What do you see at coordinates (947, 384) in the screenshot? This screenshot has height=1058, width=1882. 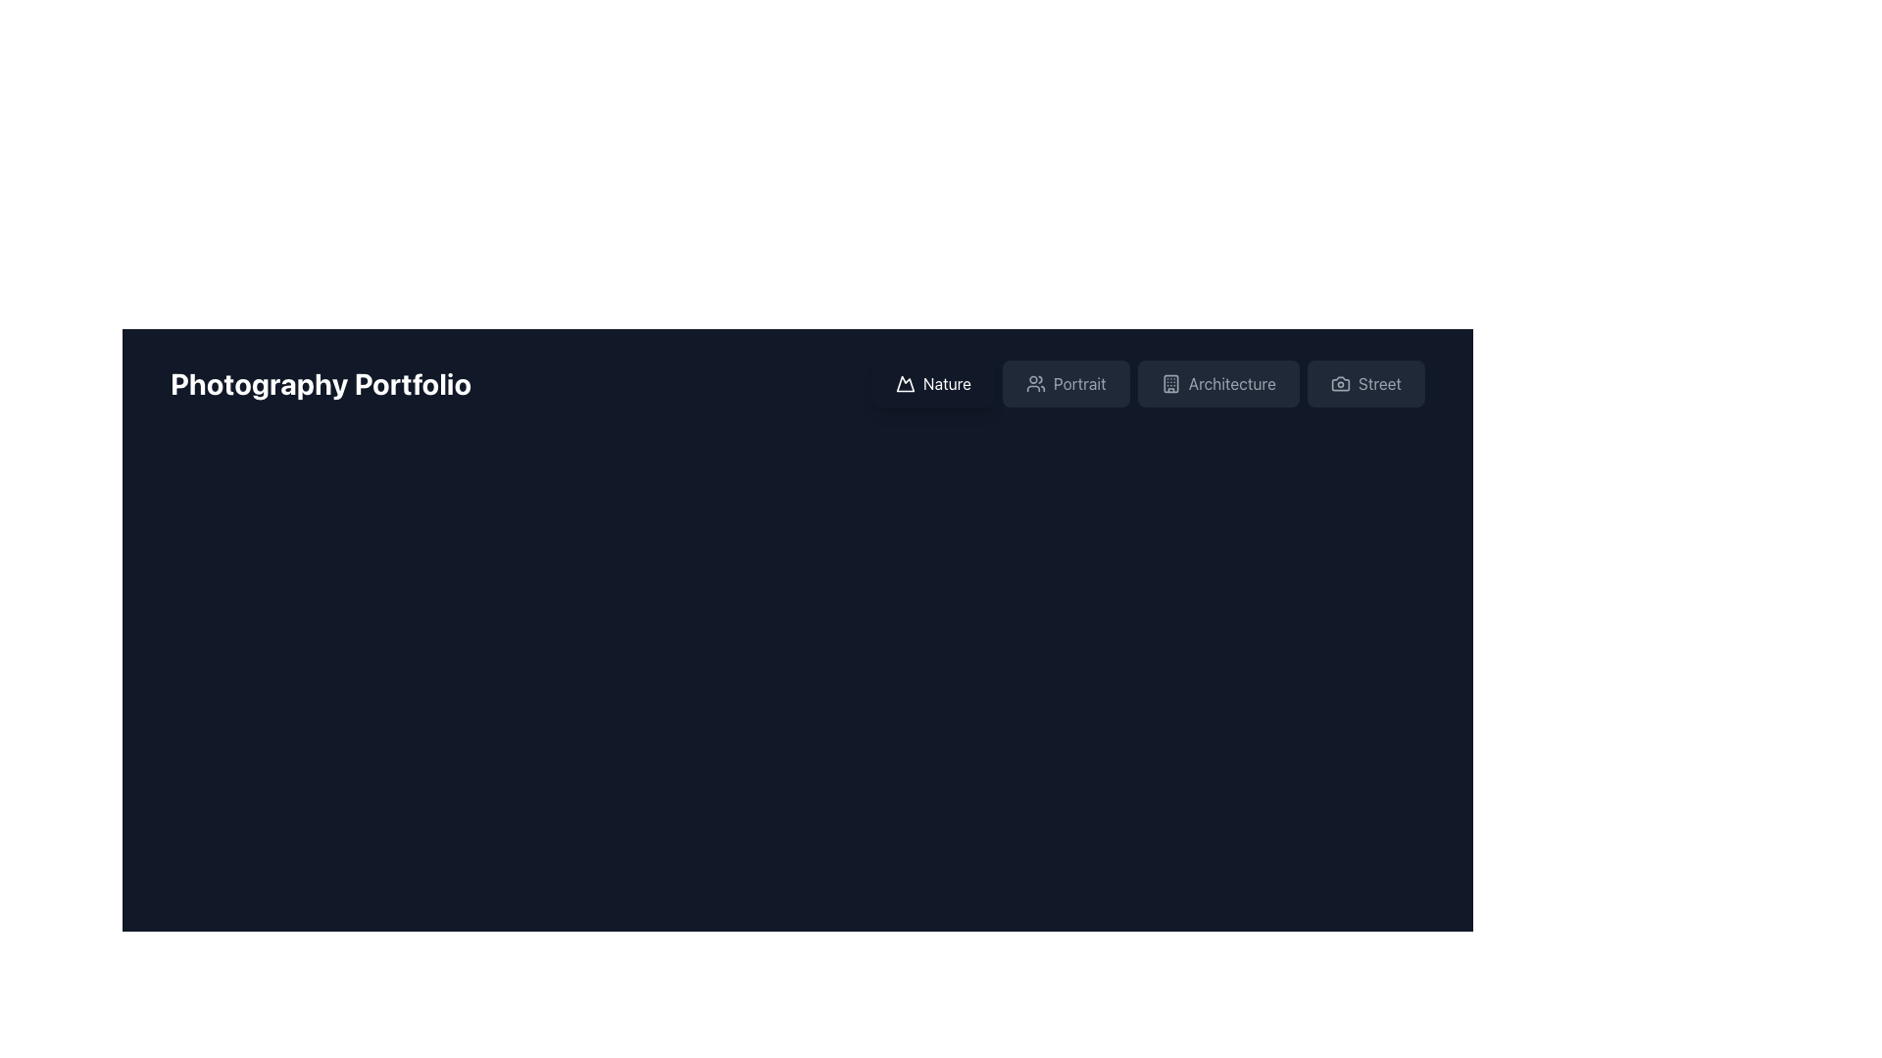 I see `the text label displaying the word 'Nature', which is styled with white text on a dark background and is the first interactive element in a horizontal button group` at bounding box center [947, 384].